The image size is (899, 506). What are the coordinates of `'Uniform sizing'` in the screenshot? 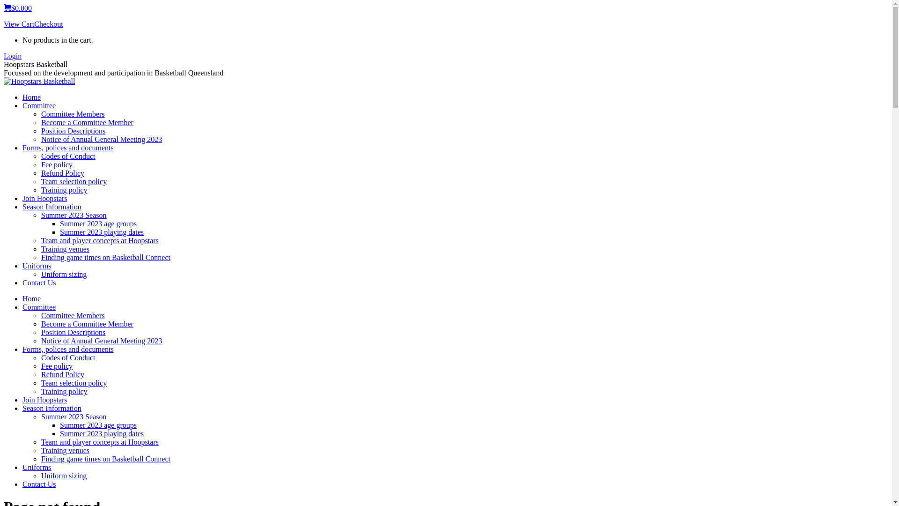 It's located at (63, 476).